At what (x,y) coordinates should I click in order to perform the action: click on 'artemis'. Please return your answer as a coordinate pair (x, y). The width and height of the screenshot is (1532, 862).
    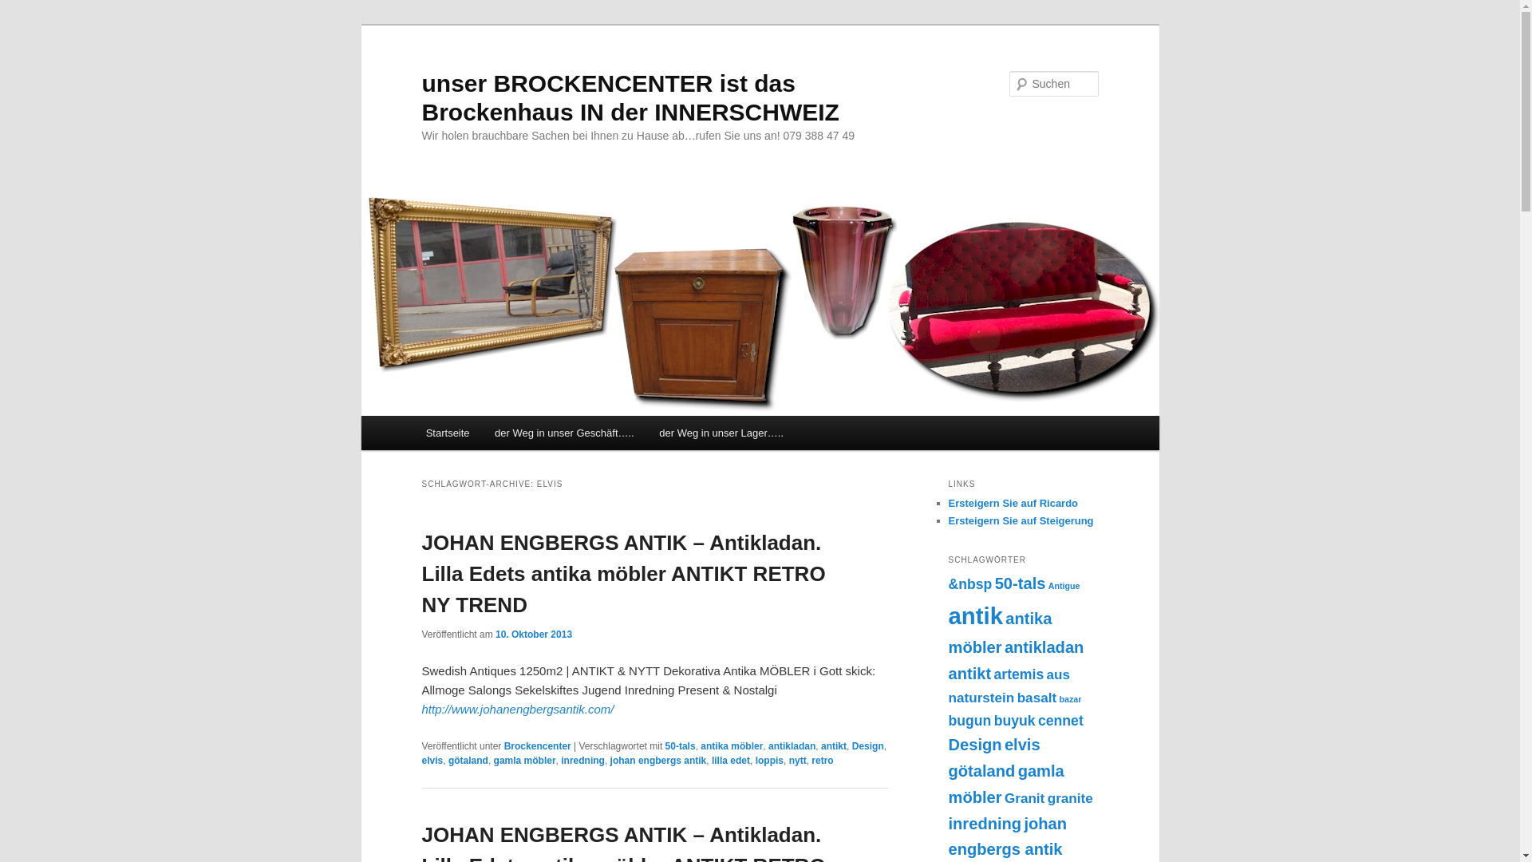
    Looking at the image, I should click on (1017, 674).